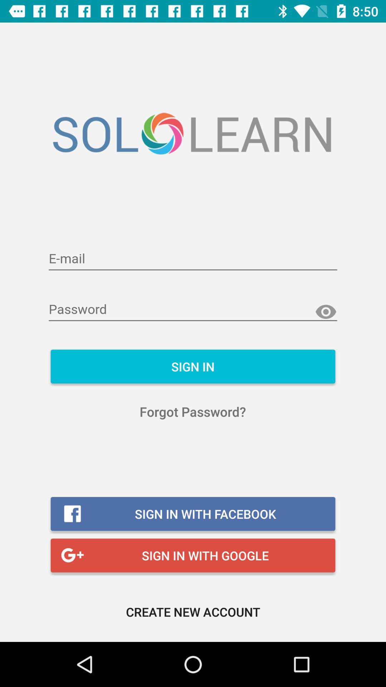 Image resolution: width=386 pixels, height=687 pixels. I want to click on make password visible, so click(326, 312).